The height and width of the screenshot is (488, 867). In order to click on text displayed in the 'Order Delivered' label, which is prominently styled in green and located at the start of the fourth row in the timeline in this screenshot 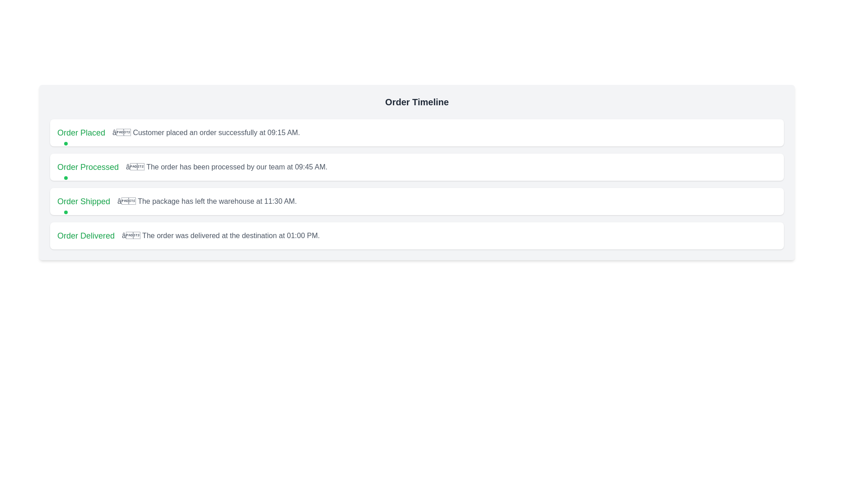, I will do `click(86, 235)`.